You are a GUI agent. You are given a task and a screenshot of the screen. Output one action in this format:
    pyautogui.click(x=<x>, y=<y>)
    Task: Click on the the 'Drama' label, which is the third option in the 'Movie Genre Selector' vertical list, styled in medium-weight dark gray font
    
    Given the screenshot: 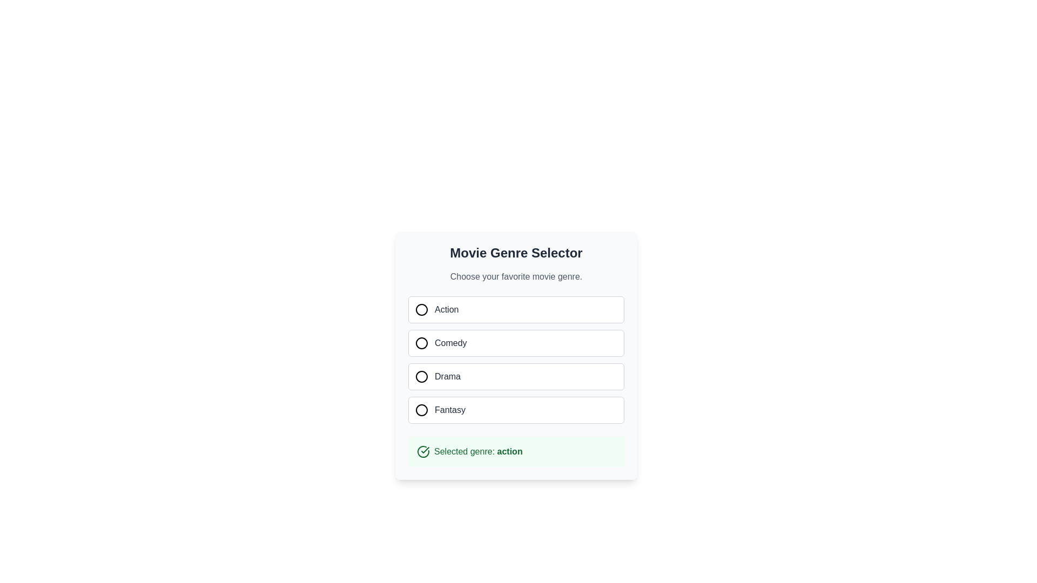 What is the action you would take?
    pyautogui.click(x=448, y=376)
    